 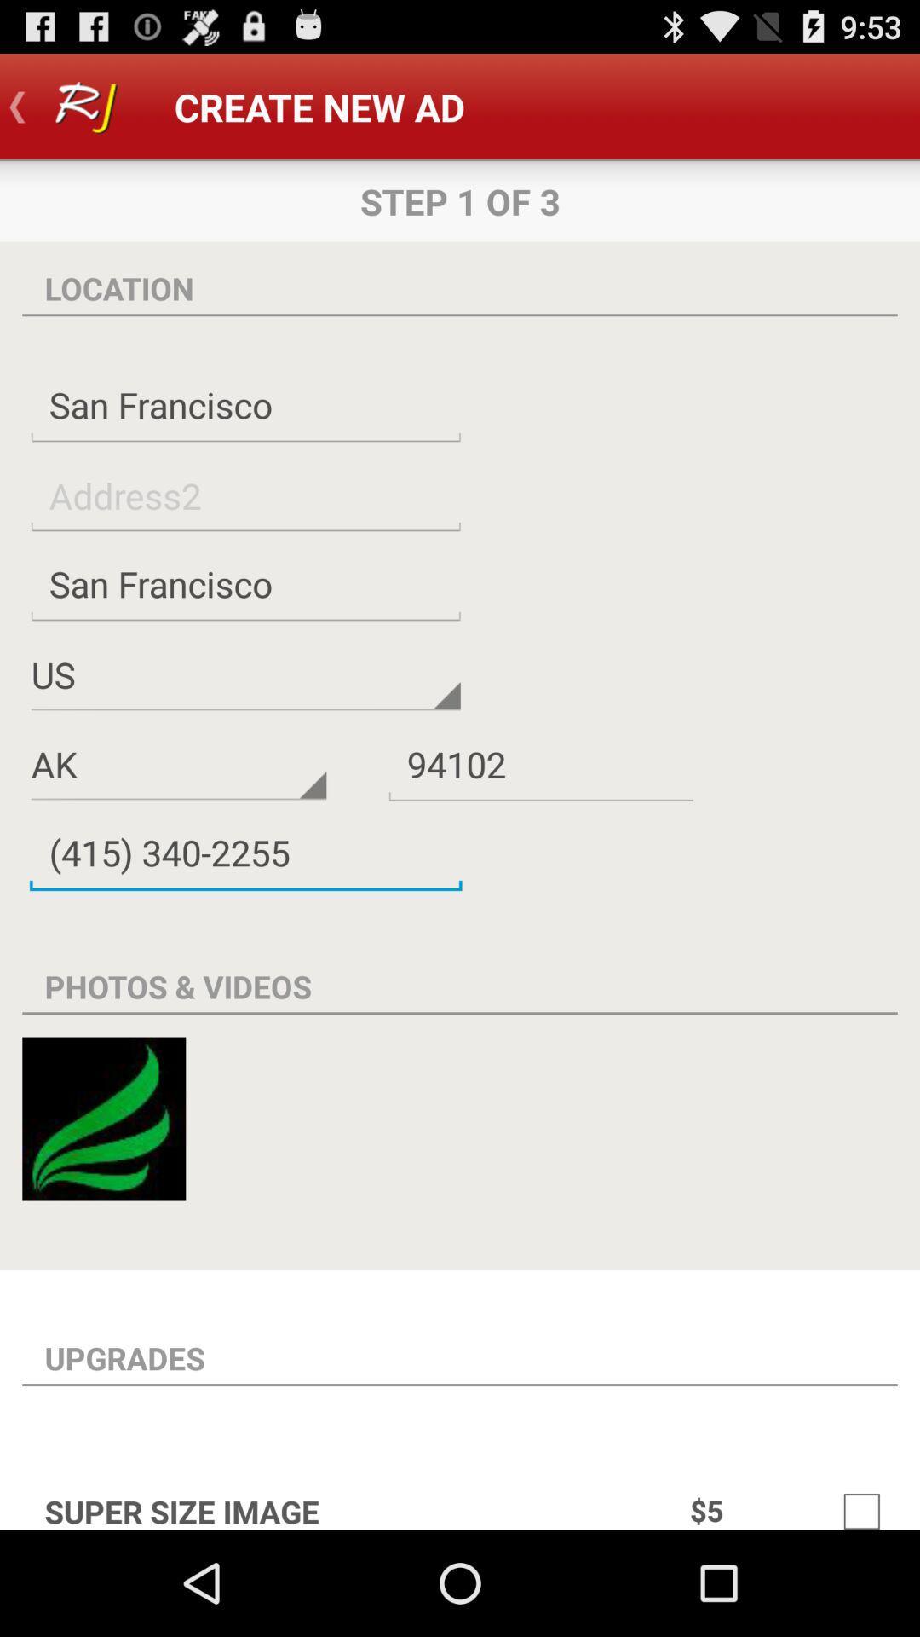 I want to click on tick button, so click(x=861, y=1502).